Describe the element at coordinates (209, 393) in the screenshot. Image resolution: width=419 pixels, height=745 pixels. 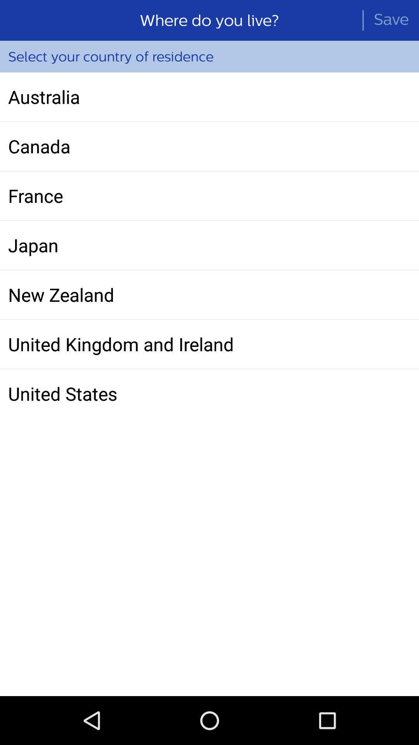
I see `the icon below united kingdom and app` at that location.